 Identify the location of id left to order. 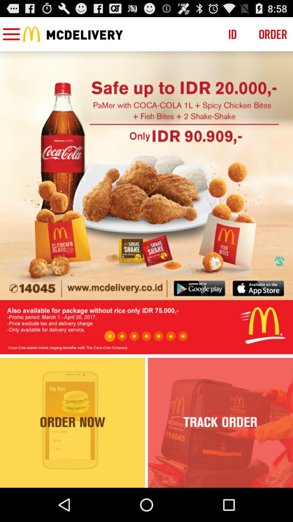
(232, 34).